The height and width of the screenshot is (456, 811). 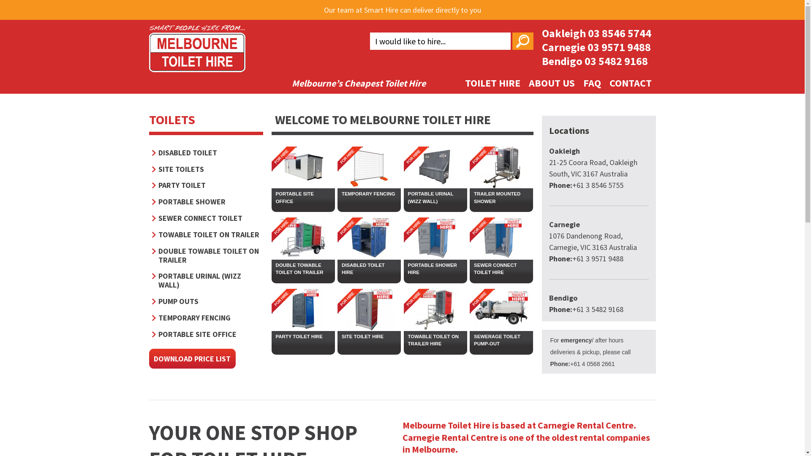 I want to click on 'Skip to main content', so click(x=362, y=1).